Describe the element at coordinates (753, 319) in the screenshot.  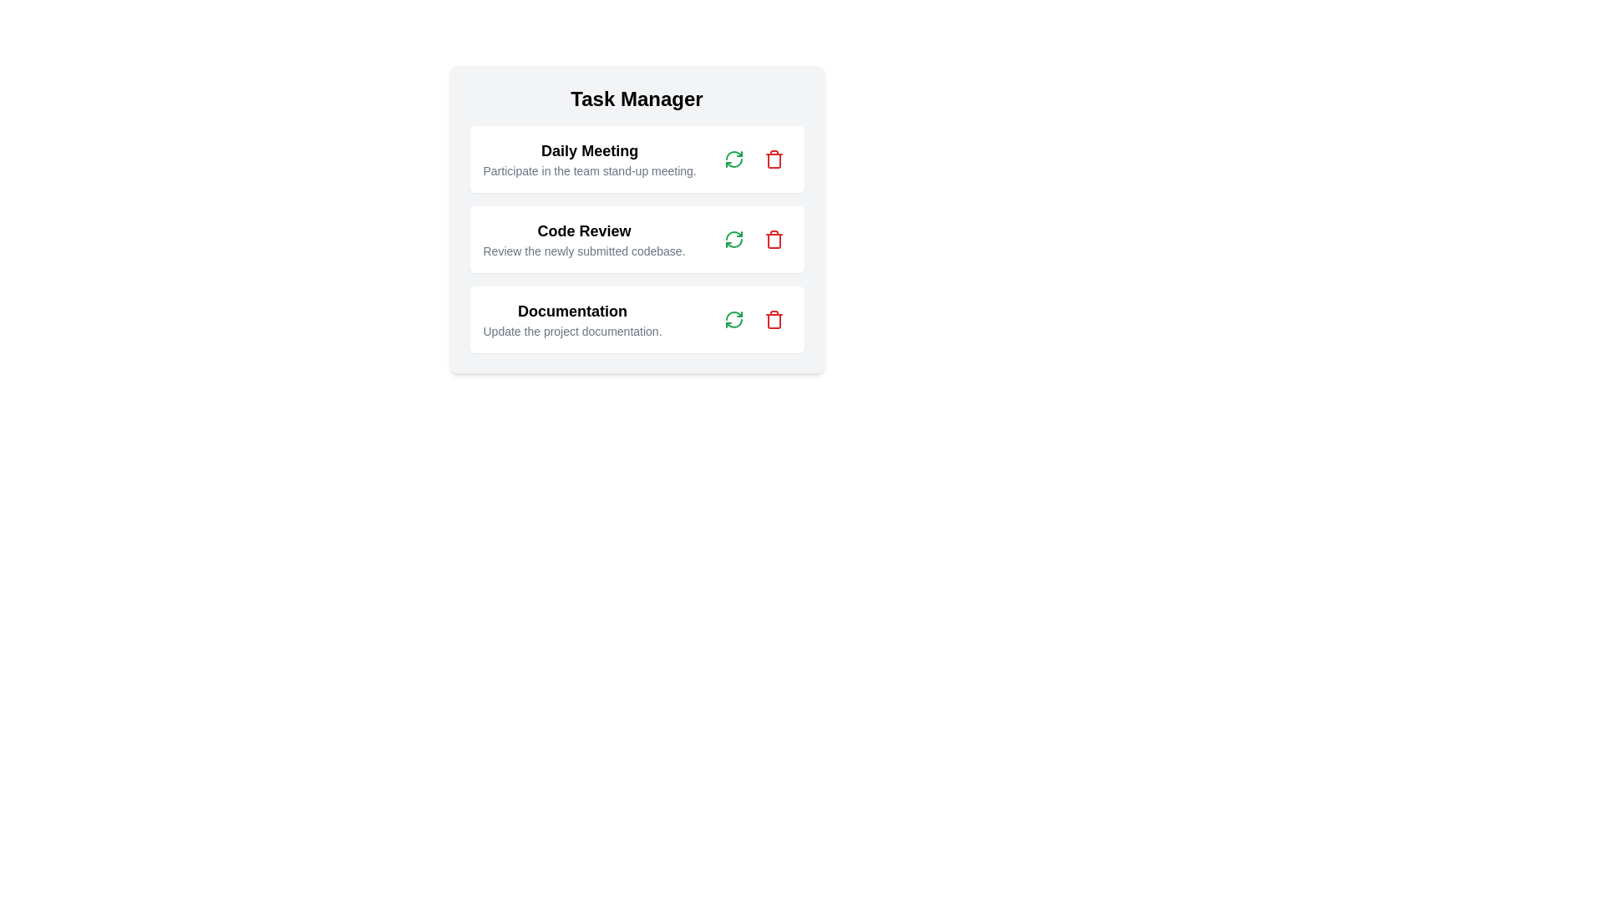
I see `the grouped element containing the green refresh icon and the red delete icon for task management, located in the bottom-right corner of the 'Documentation Update the project documentation' item` at that location.